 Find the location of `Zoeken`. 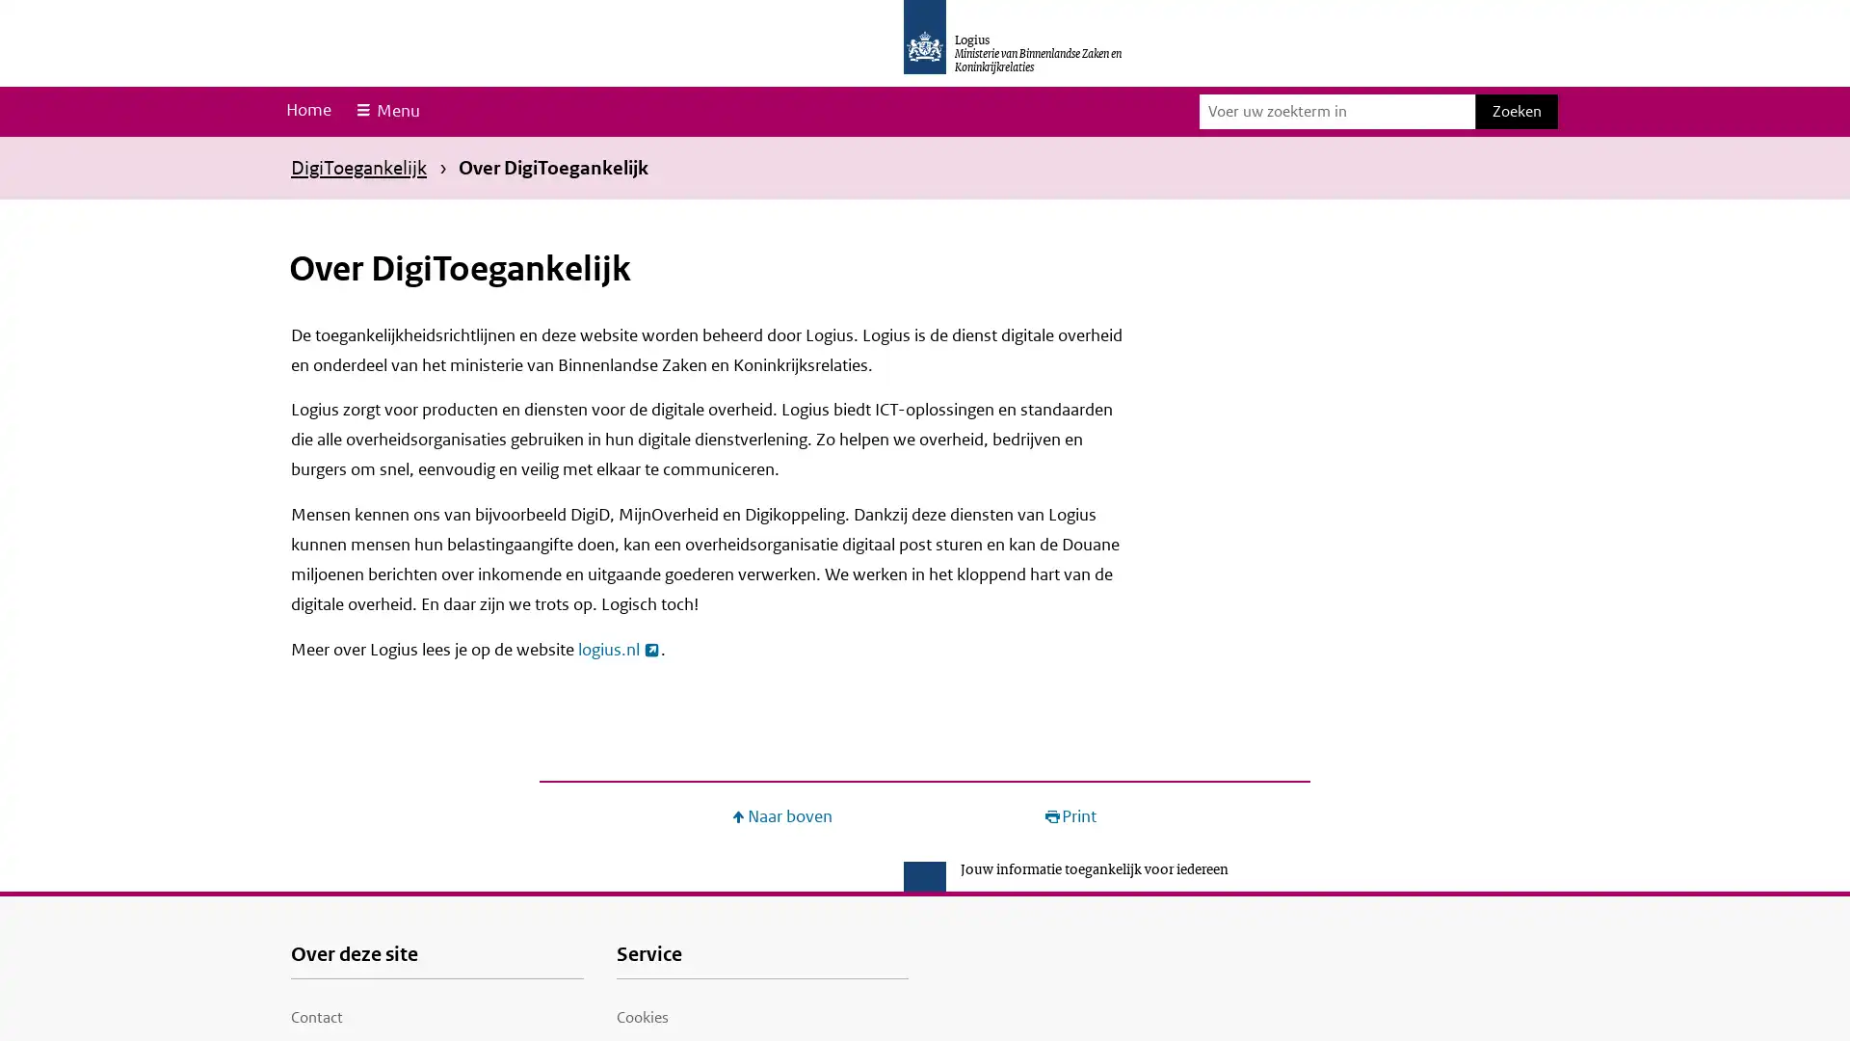

Zoeken is located at coordinates (1516, 111).